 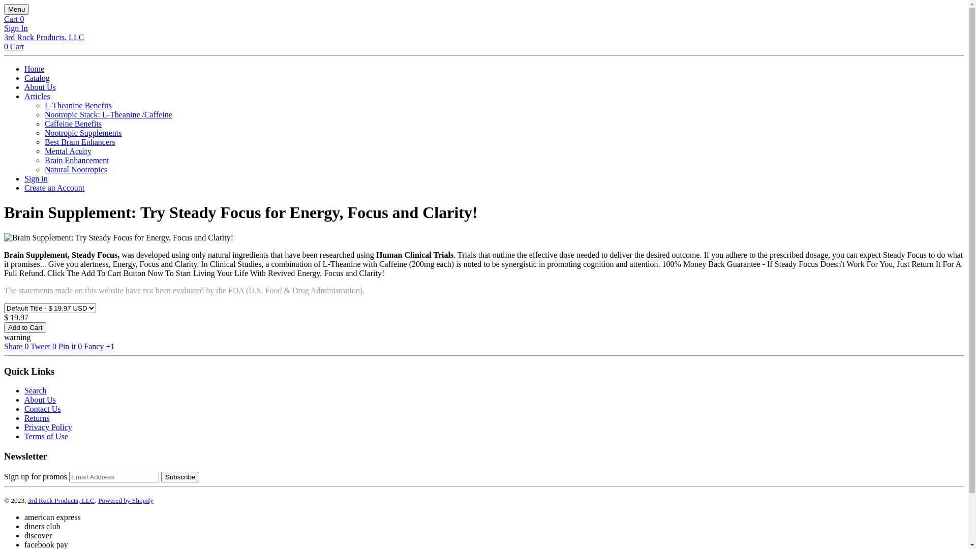 What do you see at coordinates (17, 346) in the screenshot?
I see `'Share 0'` at bounding box center [17, 346].